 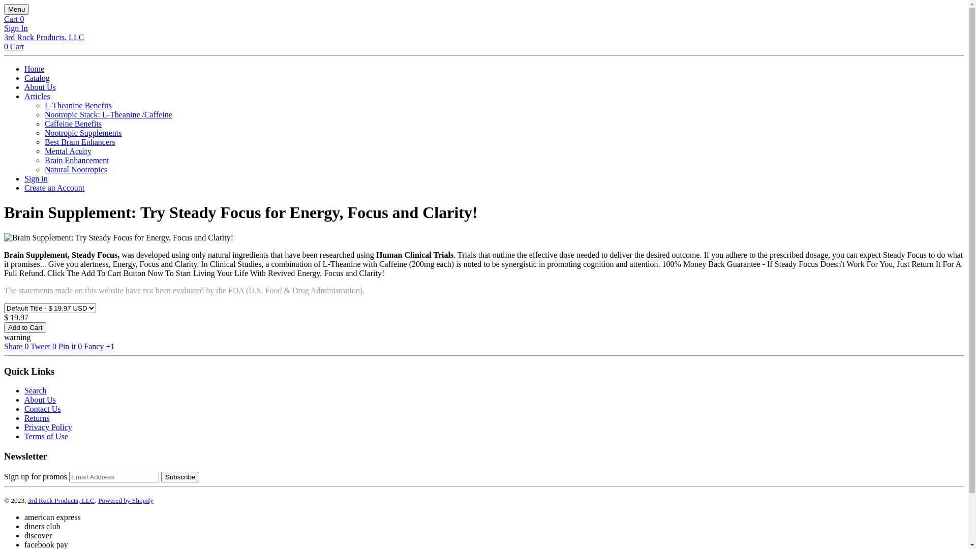 What do you see at coordinates (17, 346) in the screenshot?
I see `'Share 0'` at bounding box center [17, 346].